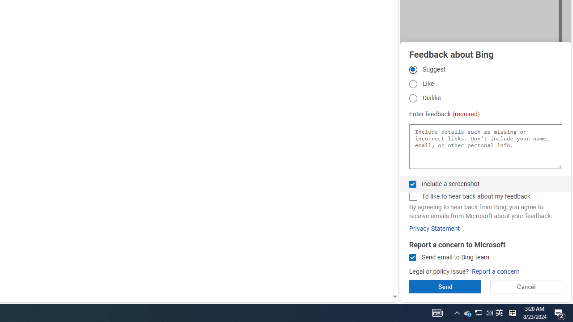 This screenshot has width=573, height=322. What do you see at coordinates (526, 286) in the screenshot?
I see `'Cancel'` at bounding box center [526, 286].